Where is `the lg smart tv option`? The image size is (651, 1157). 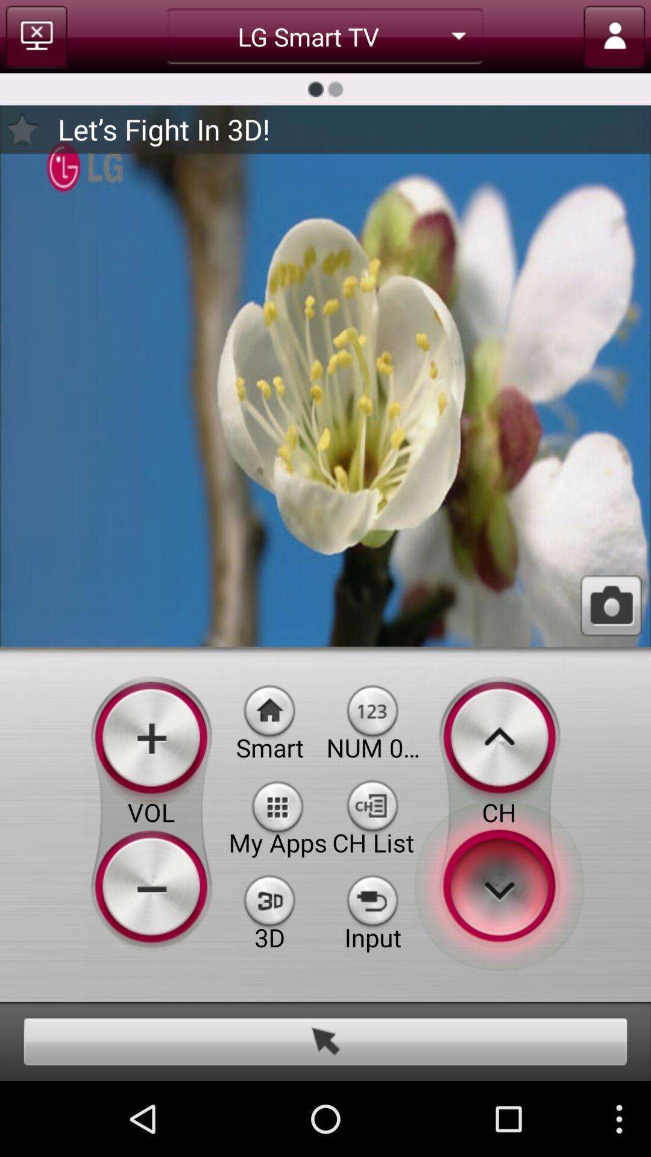
the lg smart tv option is located at coordinates (325, 37).